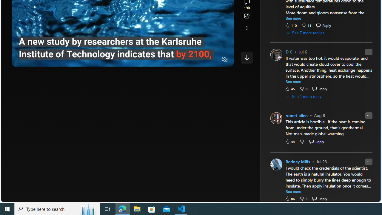  Describe the element at coordinates (289, 52) in the screenshot. I see `'D C'` at that location.